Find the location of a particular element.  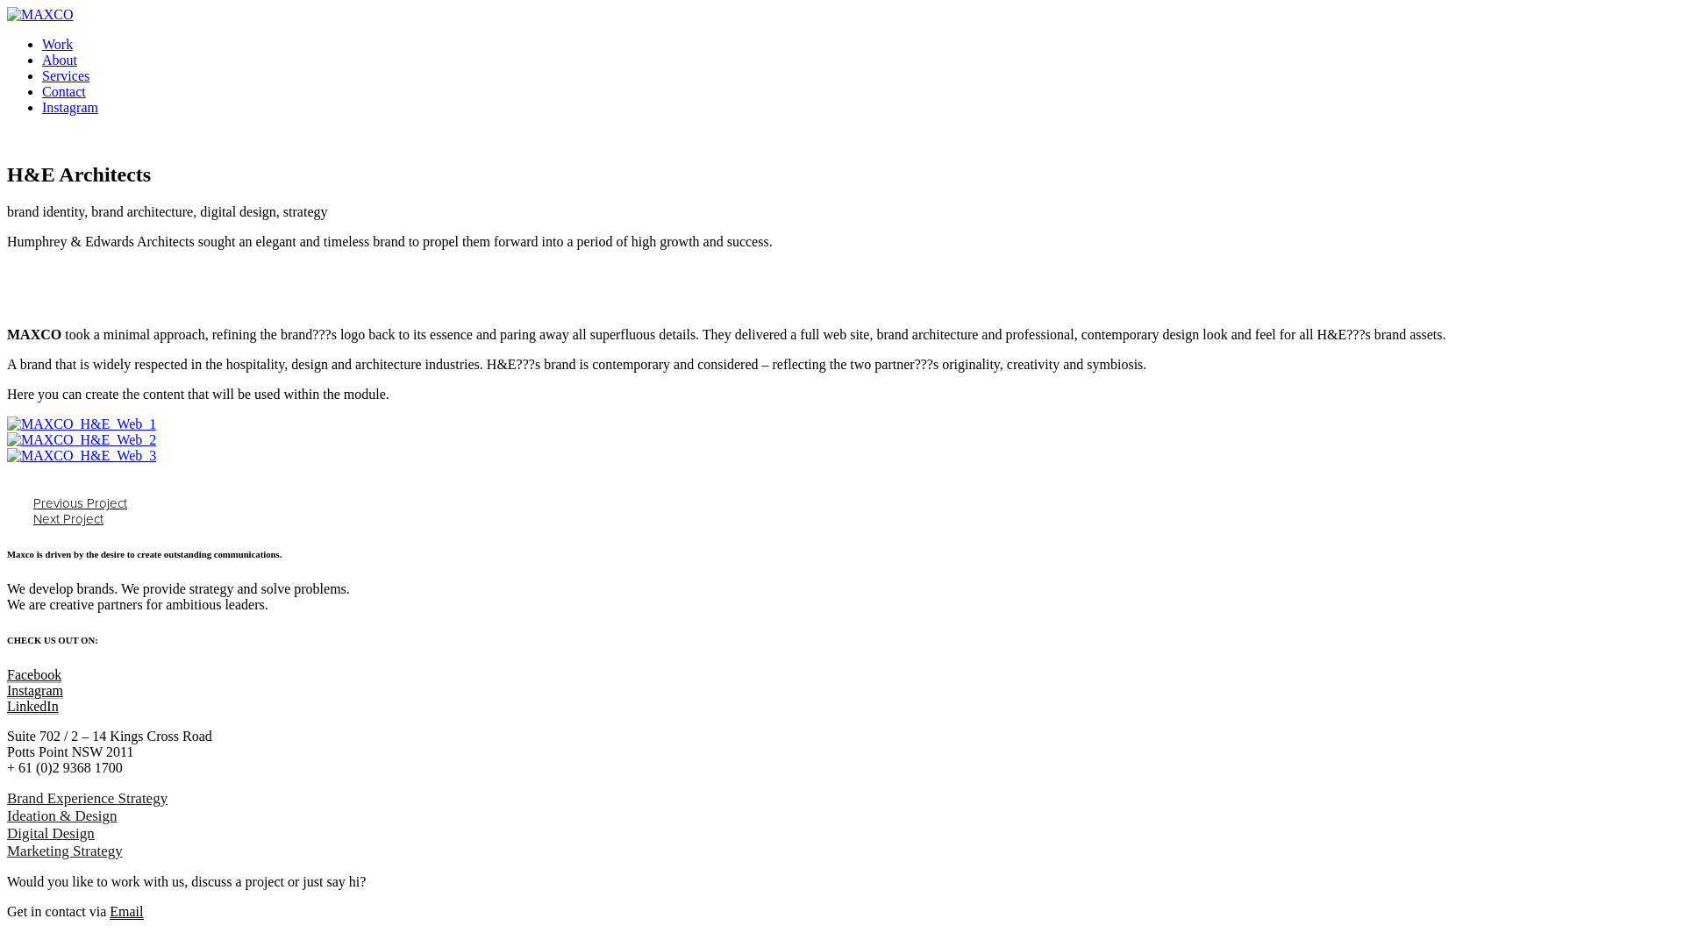

'MAXCO_H&E_Web_3' is located at coordinates (80, 454).